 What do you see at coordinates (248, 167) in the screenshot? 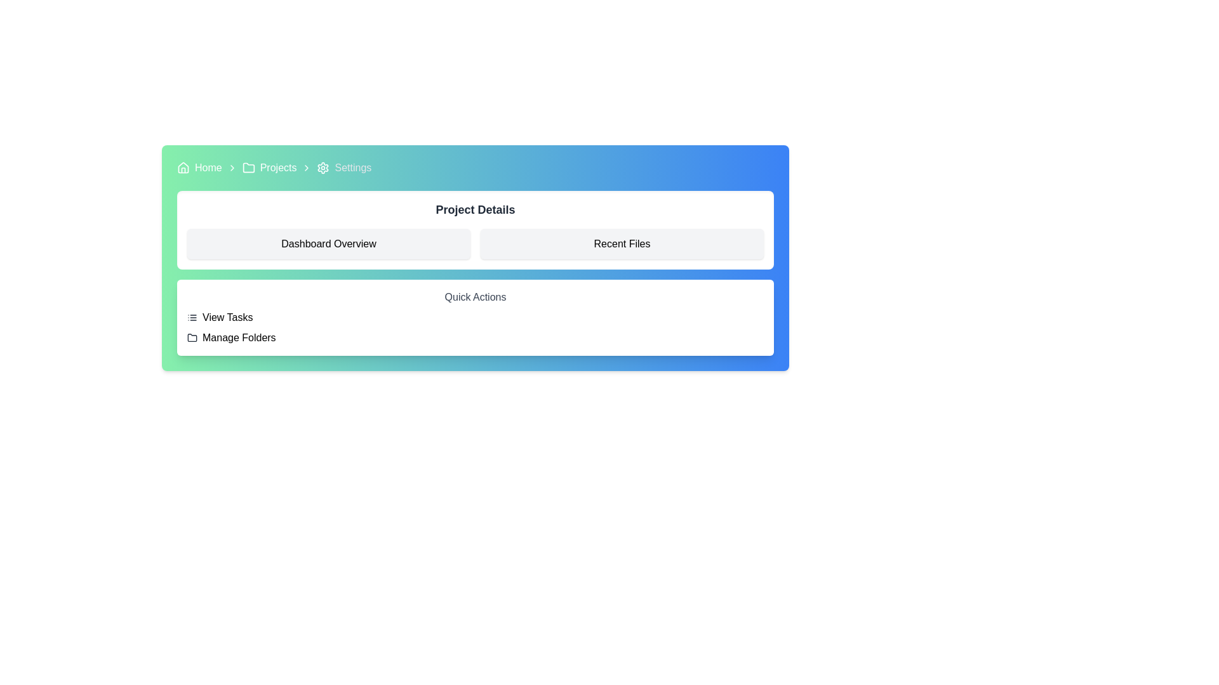
I see `the white-outline folder icon located in the breadcrumb navigation bar, positioned between the 'chevron-right' icon and the 'Projects' text link` at bounding box center [248, 167].